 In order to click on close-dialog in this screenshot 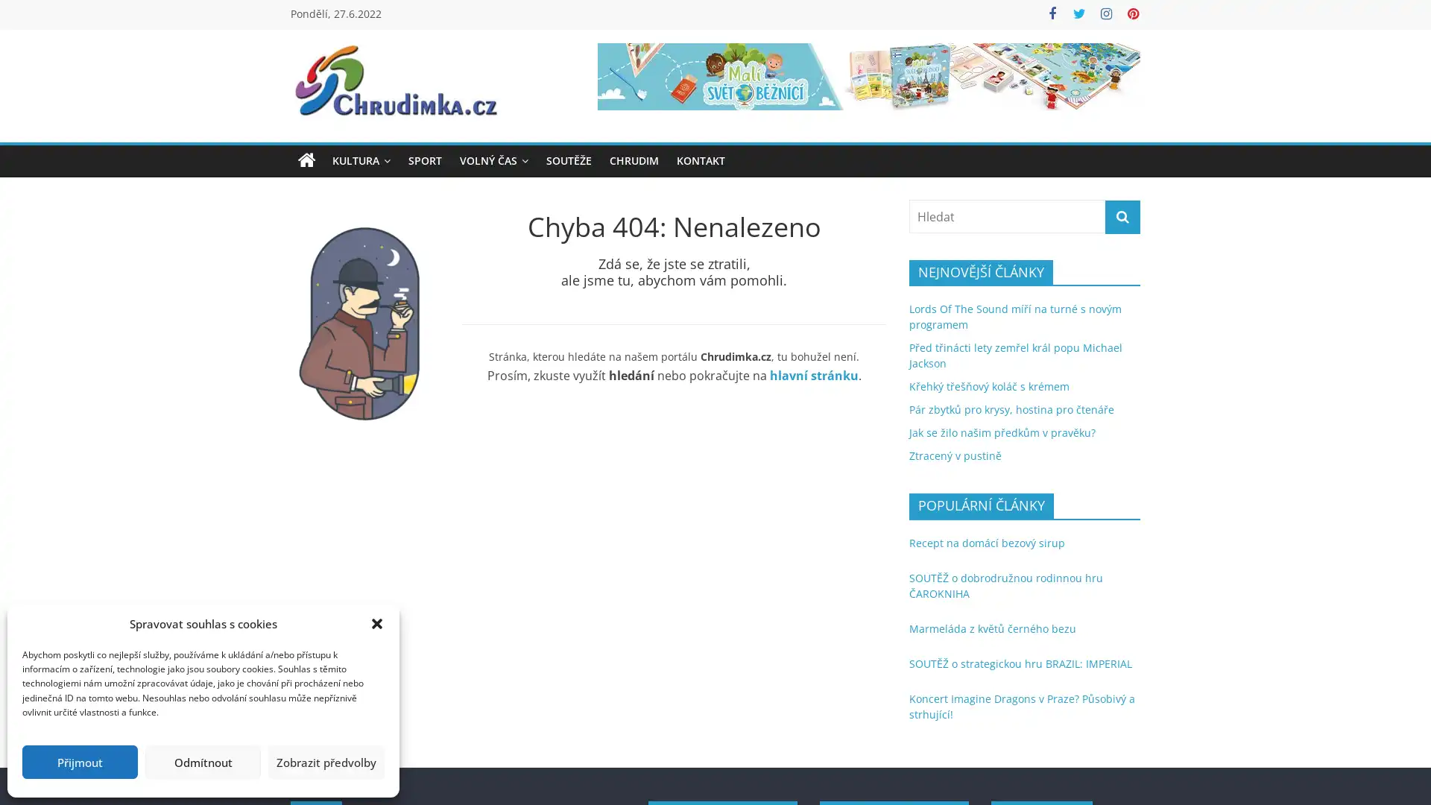, I will do `click(376, 624)`.